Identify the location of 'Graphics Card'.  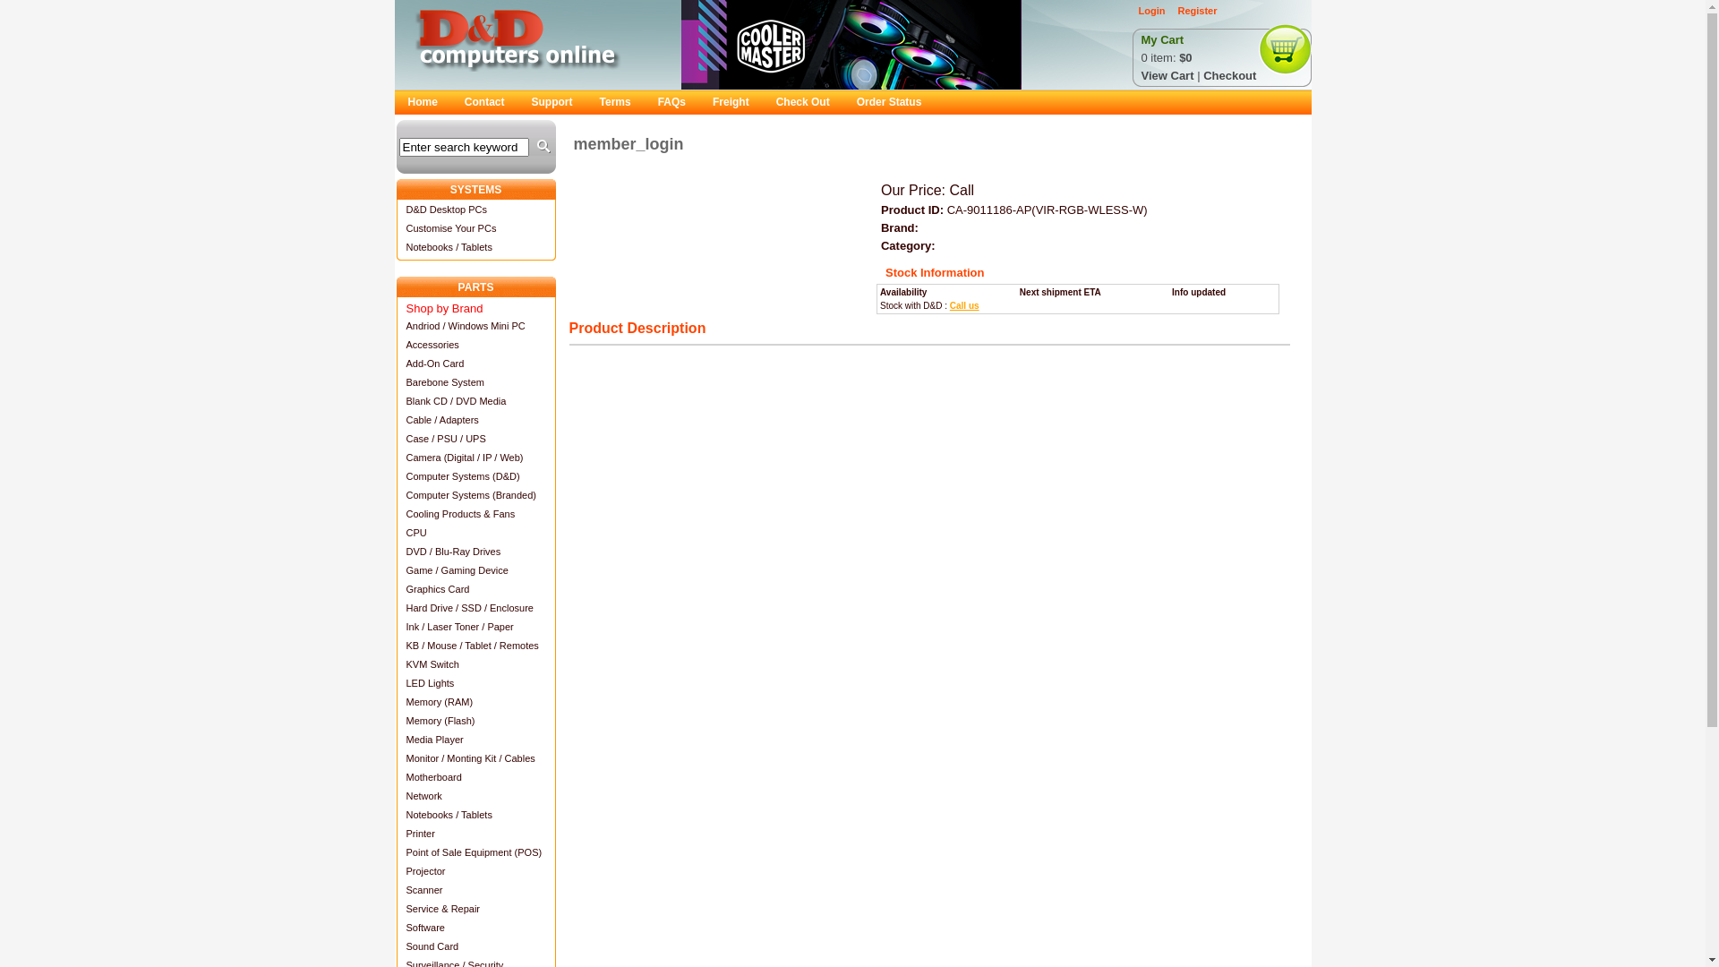
(475, 588).